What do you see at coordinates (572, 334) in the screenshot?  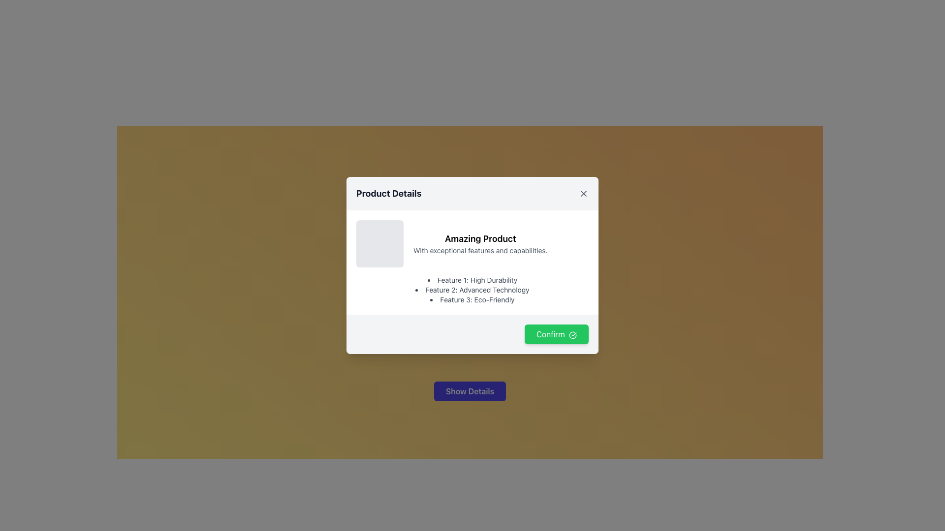 I see `the Decorative Icon located near the right side of the 'Confirm' button at the bottom right corner of the modal dialog box, which serves as a visual confirmation for the button action` at bounding box center [572, 334].